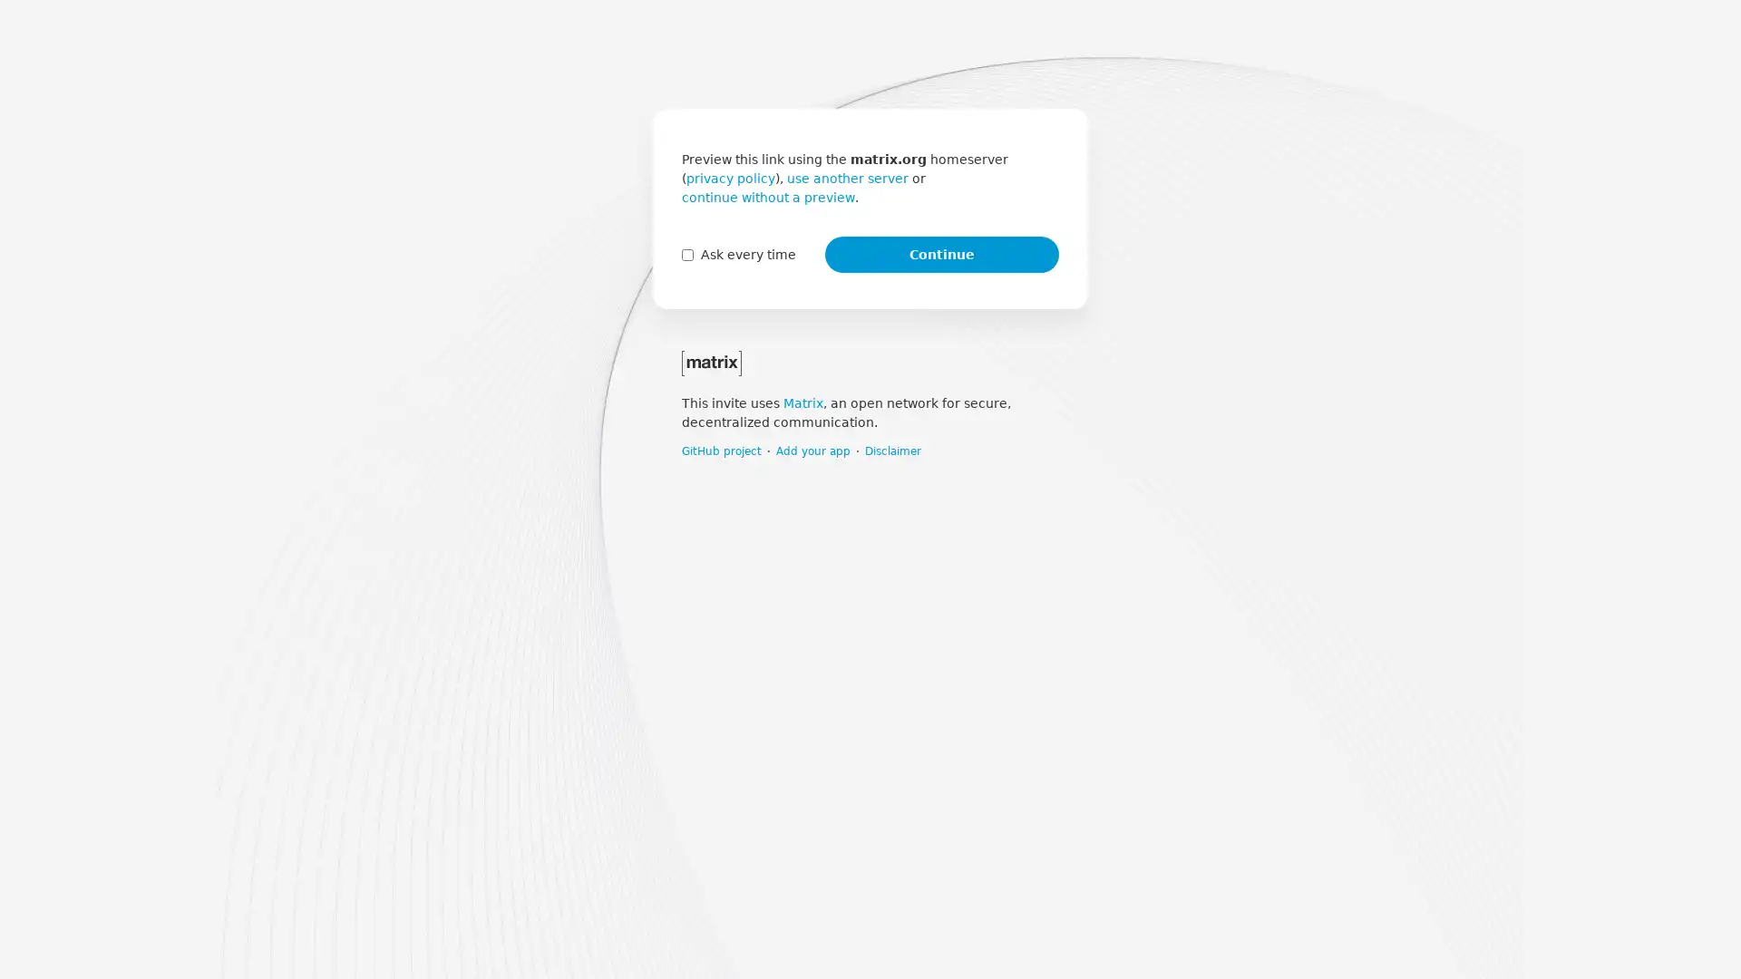 The width and height of the screenshot is (1741, 979). What do you see at coordinates (941, 255) in the screenshot?
I see `Continue` at bounding box center [941, 255].